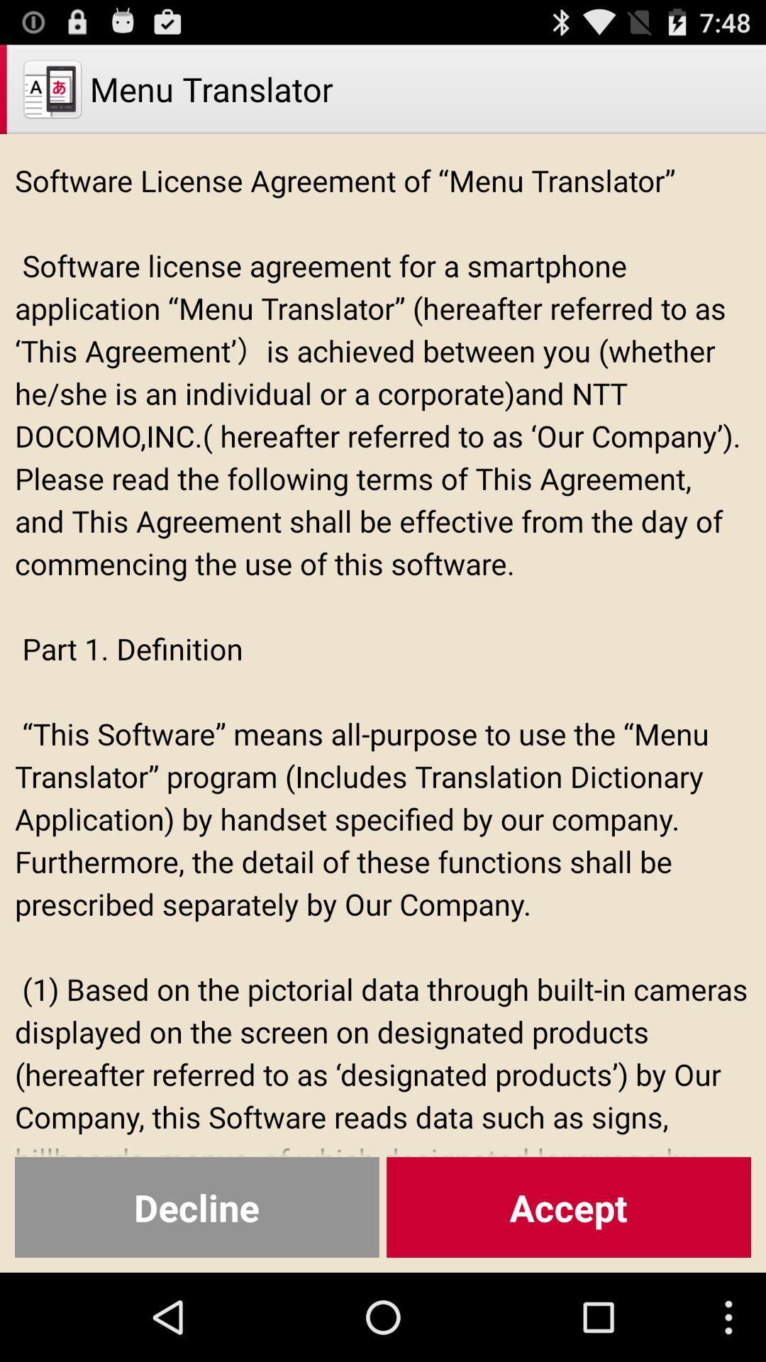 The height and width of the screenshot is (1362, 766). What do you see at coordinates (196, 1207) in the screenshot?
I see `the item to the left of the accept icon` at bounding box center [196, 1207].